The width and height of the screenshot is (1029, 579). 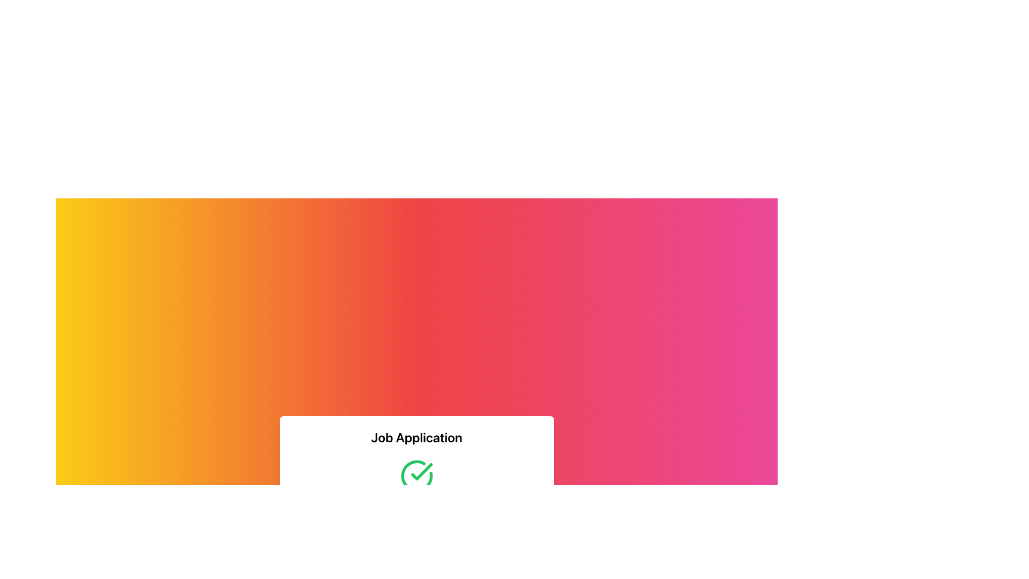 What do you see at coordinates (421, 471) in the screenshot?
I see `the checkmark icon indicating task completion, which is located within a circular icon below the 'Job Application' text` at bounding box center [421, 471].